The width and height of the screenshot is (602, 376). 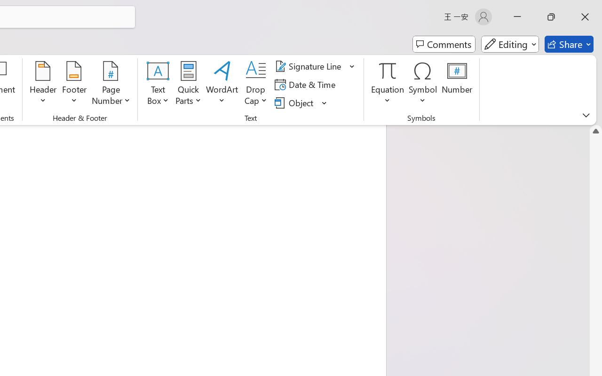 What do you see at coordinates (595, 131) in the screenshot?
I see `'Line up'` at bounding box center [595, 131].